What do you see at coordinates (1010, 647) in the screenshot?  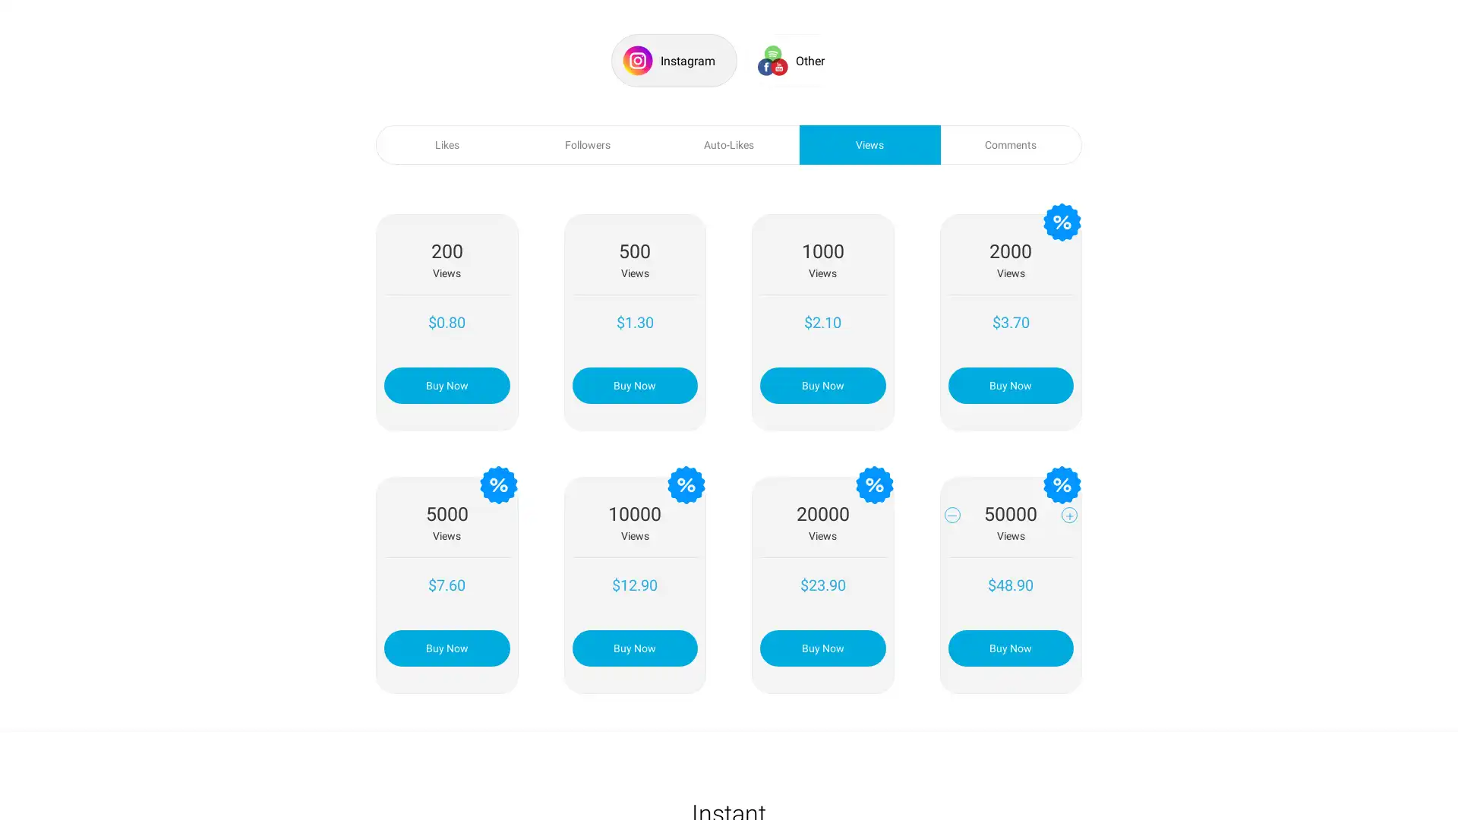 I see `Buy Now` at bounding box center [1010, 647].